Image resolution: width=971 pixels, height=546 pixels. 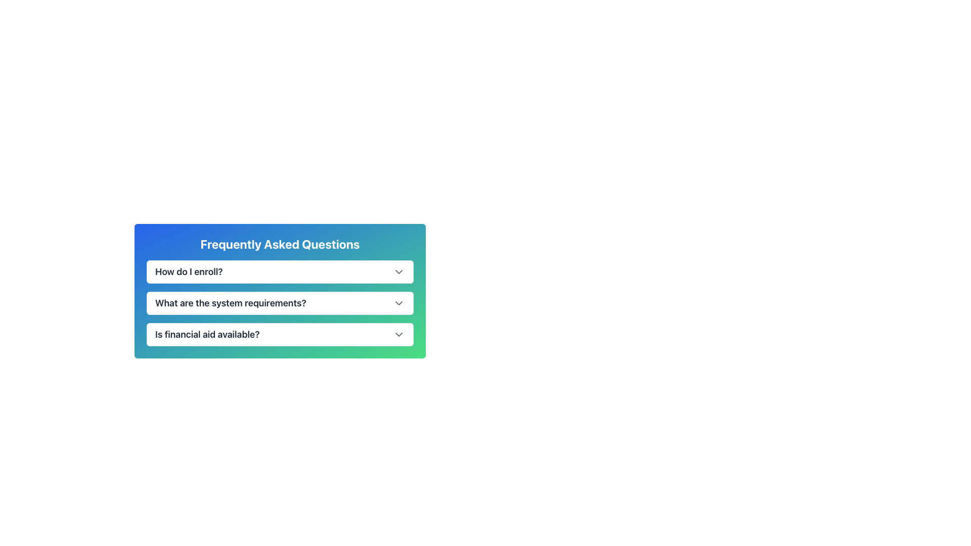 I want to click on the downward-pointing chevron icon, so click(x=398, y=335).